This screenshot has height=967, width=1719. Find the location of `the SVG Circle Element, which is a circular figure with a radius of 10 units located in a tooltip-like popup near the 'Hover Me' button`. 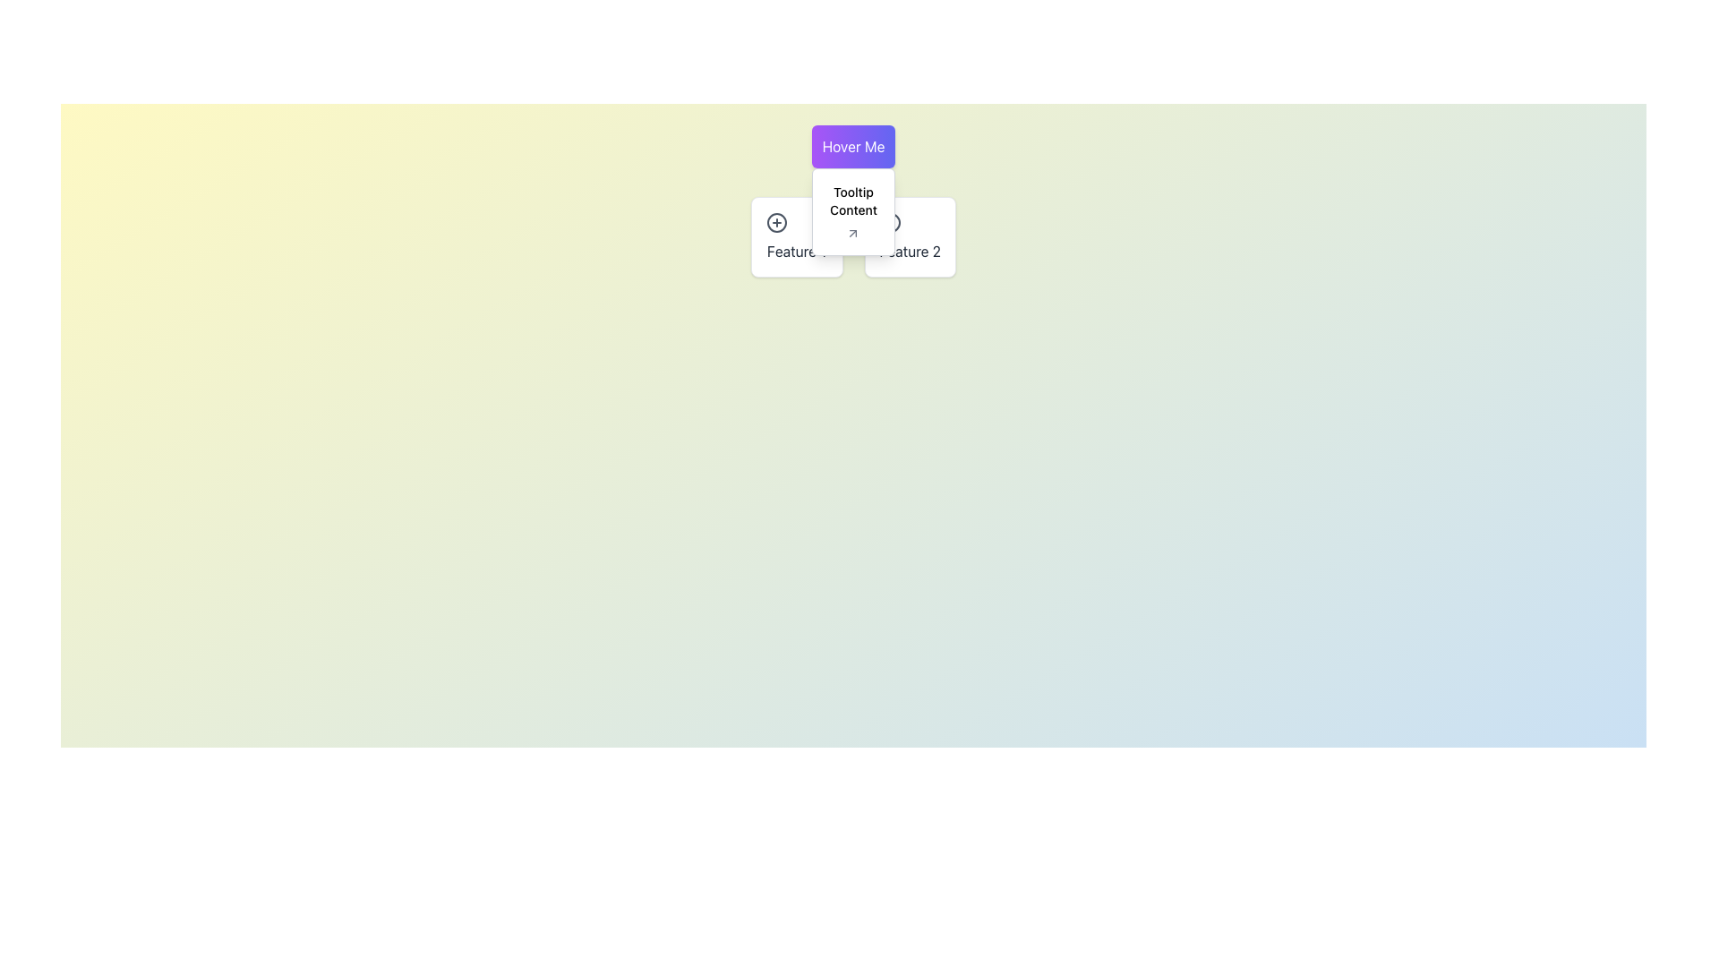

the SVG Circle Element, which is a circular figure with a radius of 10 units located in a tooltip-like popup near the 'Hover Me' button is located at coordinates (890, 222).